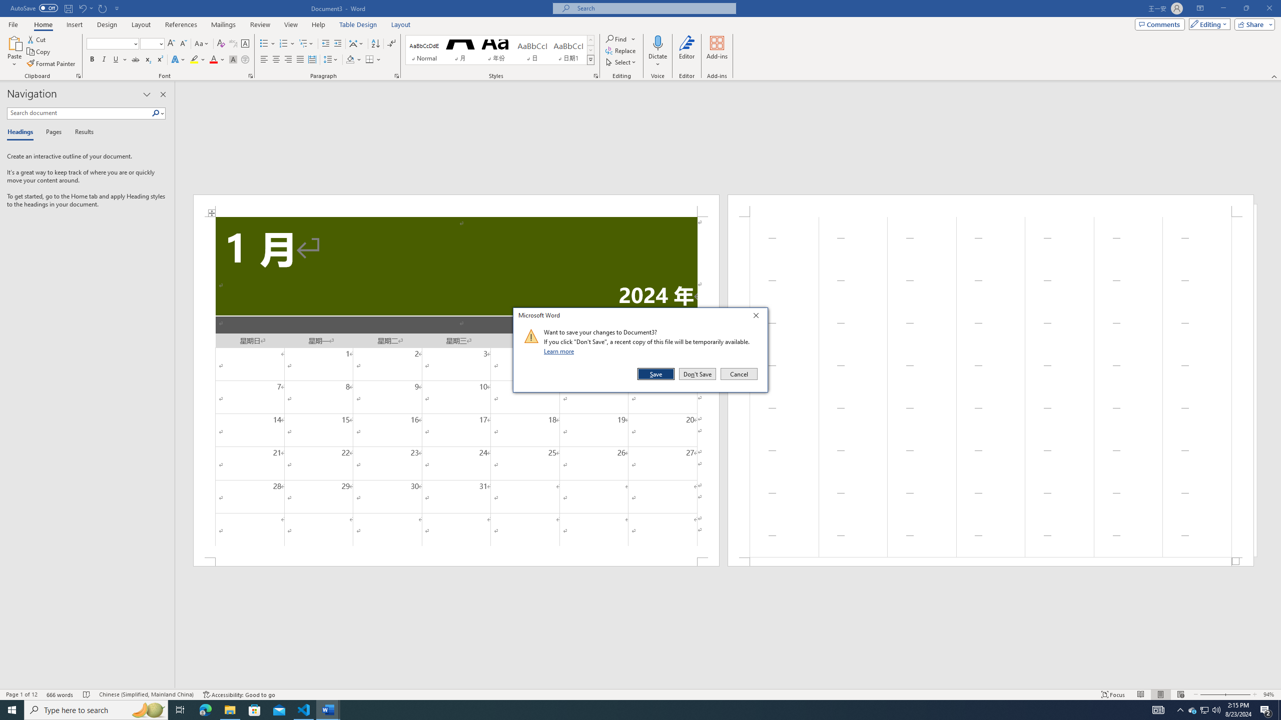 The height and width of the screenshot is (720, 1281). Describe the element at coordinates (232, 43) in the screenshot. I see `'Phonetic Guide...'` at that location.